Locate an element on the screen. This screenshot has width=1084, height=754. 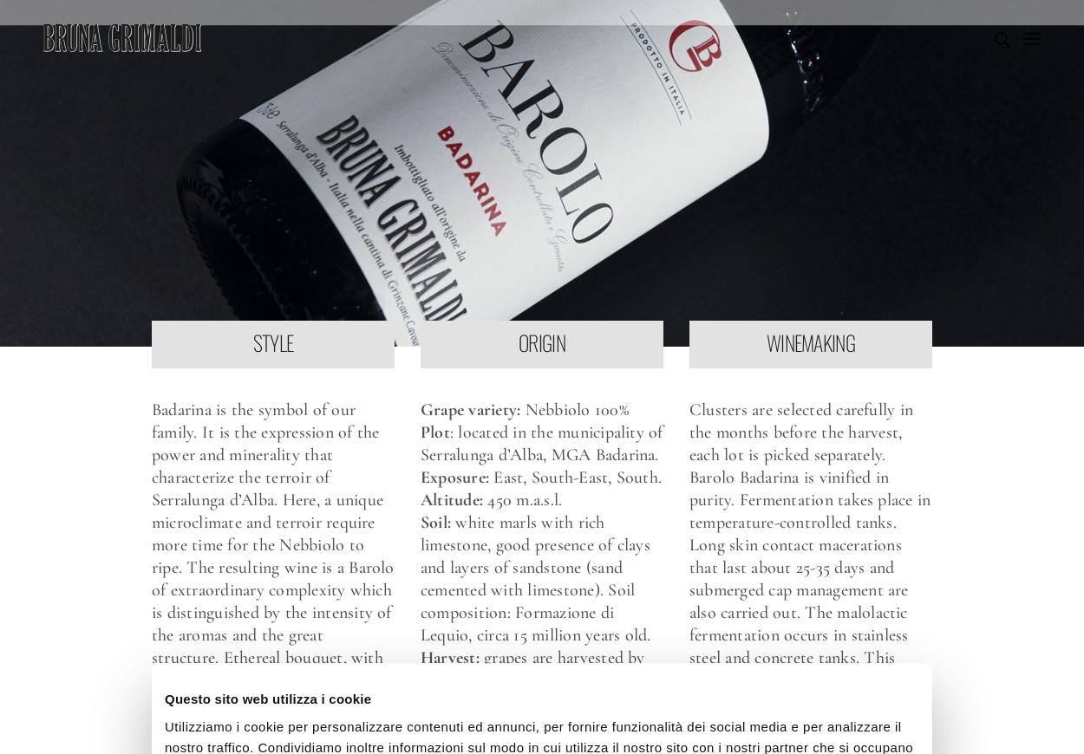
'WINEMAKING' is located at coordinates (810, 341).